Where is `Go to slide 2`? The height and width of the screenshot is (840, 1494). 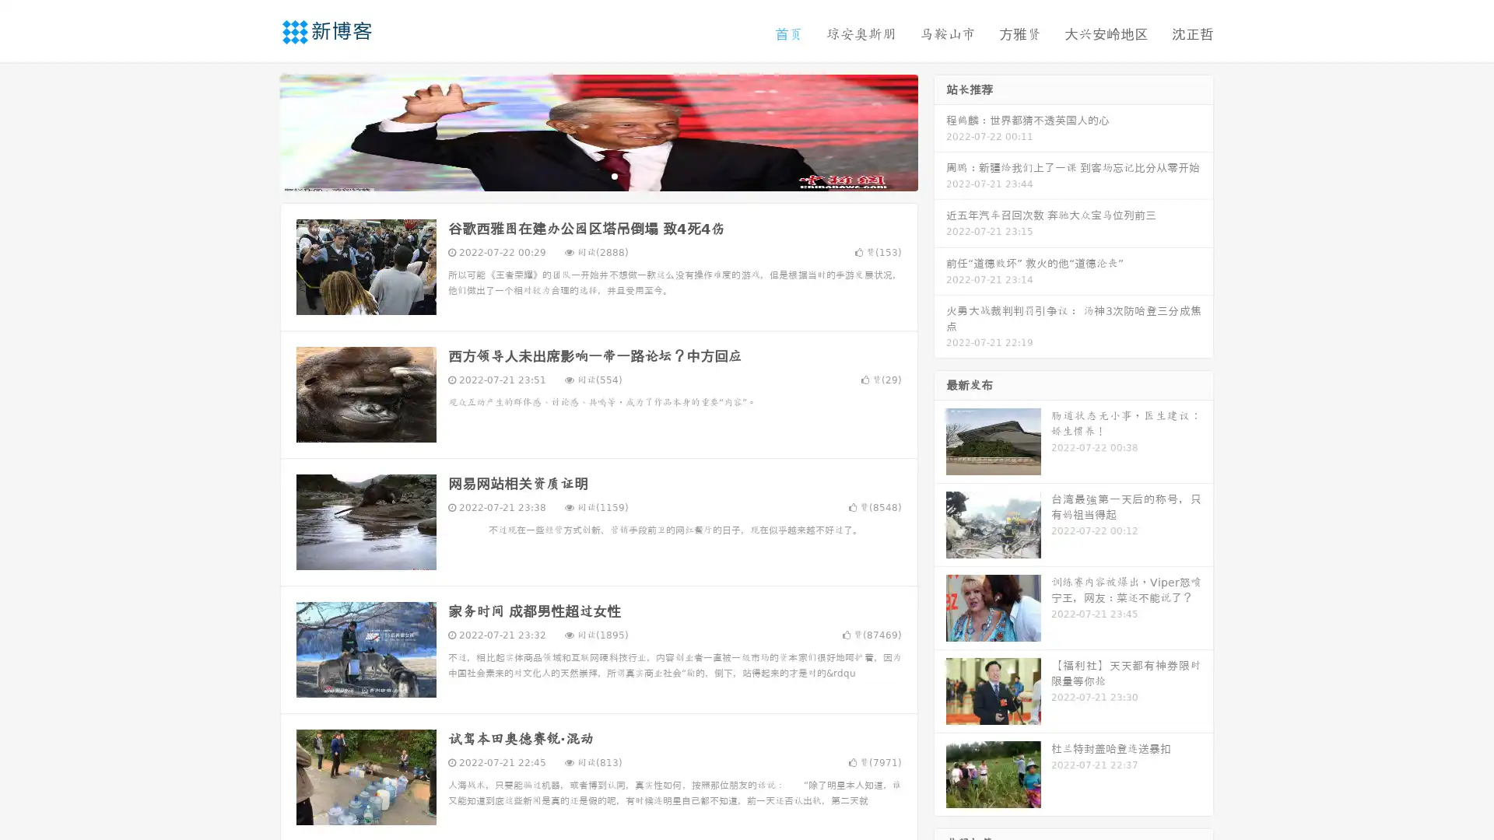
Go to slide 2 is located at coordinates (598, 175).